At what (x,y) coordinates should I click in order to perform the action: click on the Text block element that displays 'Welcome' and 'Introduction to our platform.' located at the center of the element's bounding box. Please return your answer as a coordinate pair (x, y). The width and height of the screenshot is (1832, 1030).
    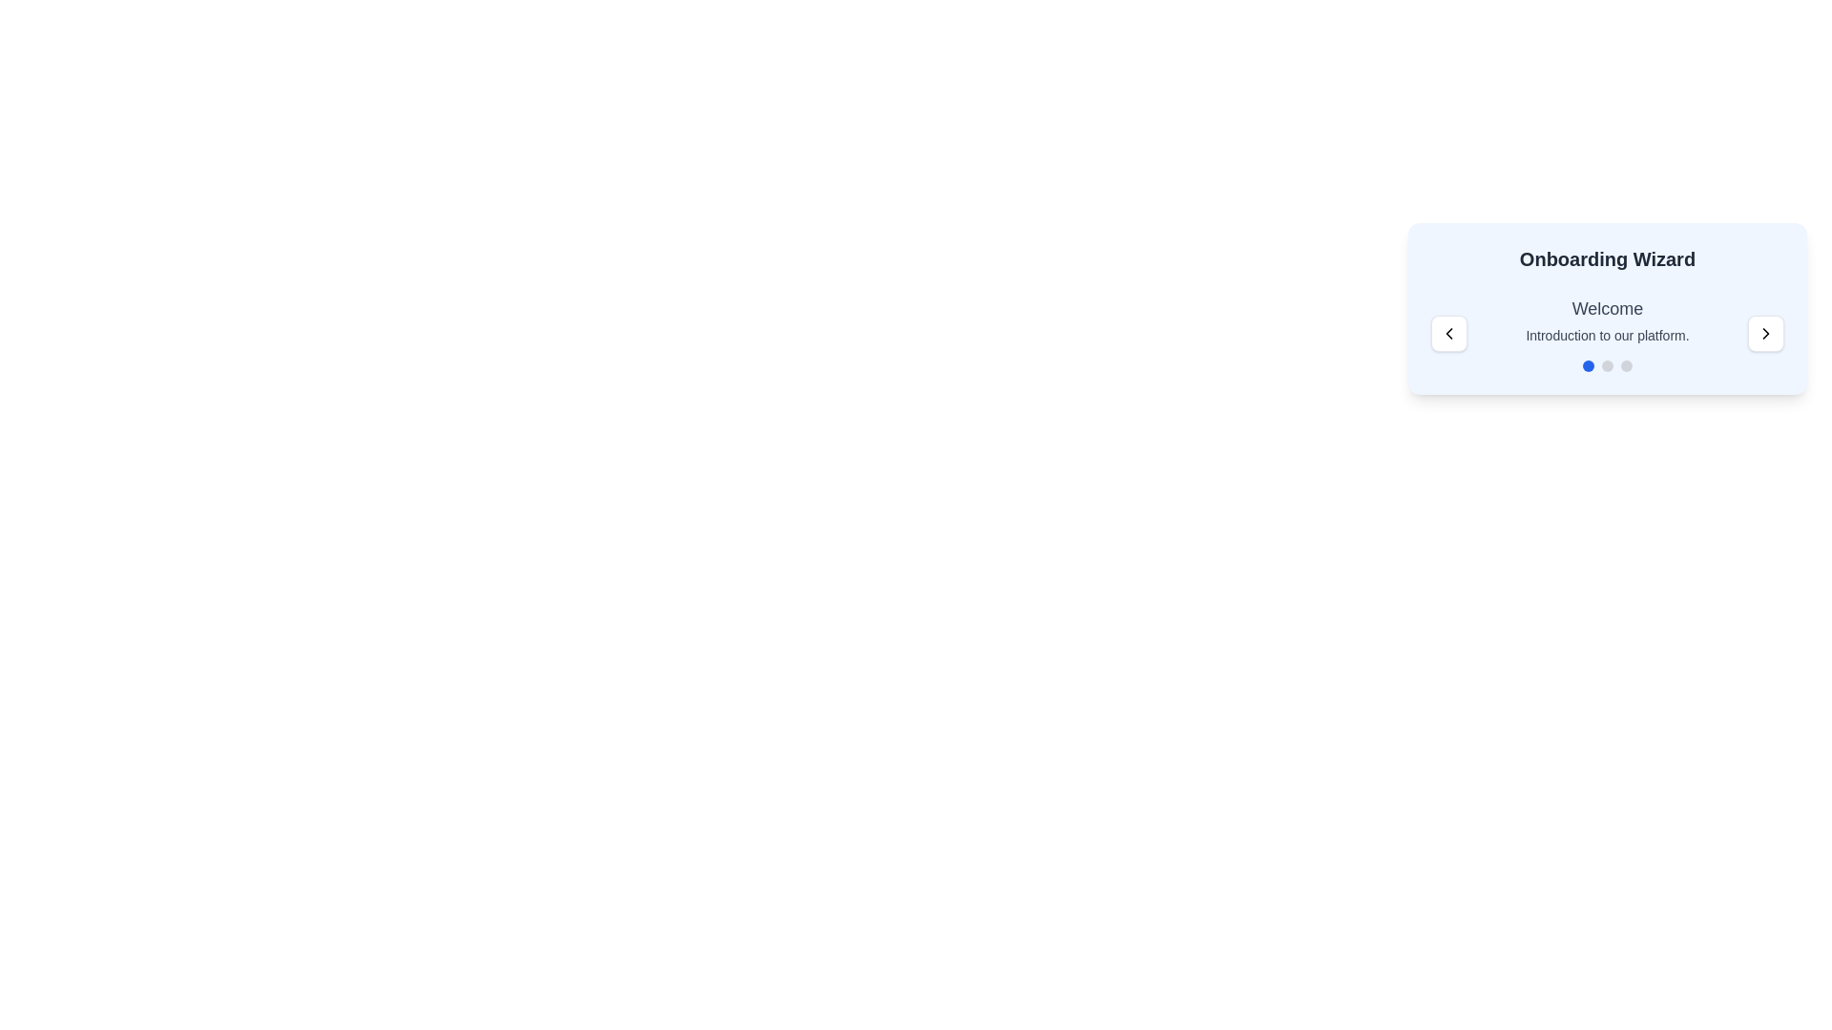
    Looking at the image, I should click on (1606, 319).